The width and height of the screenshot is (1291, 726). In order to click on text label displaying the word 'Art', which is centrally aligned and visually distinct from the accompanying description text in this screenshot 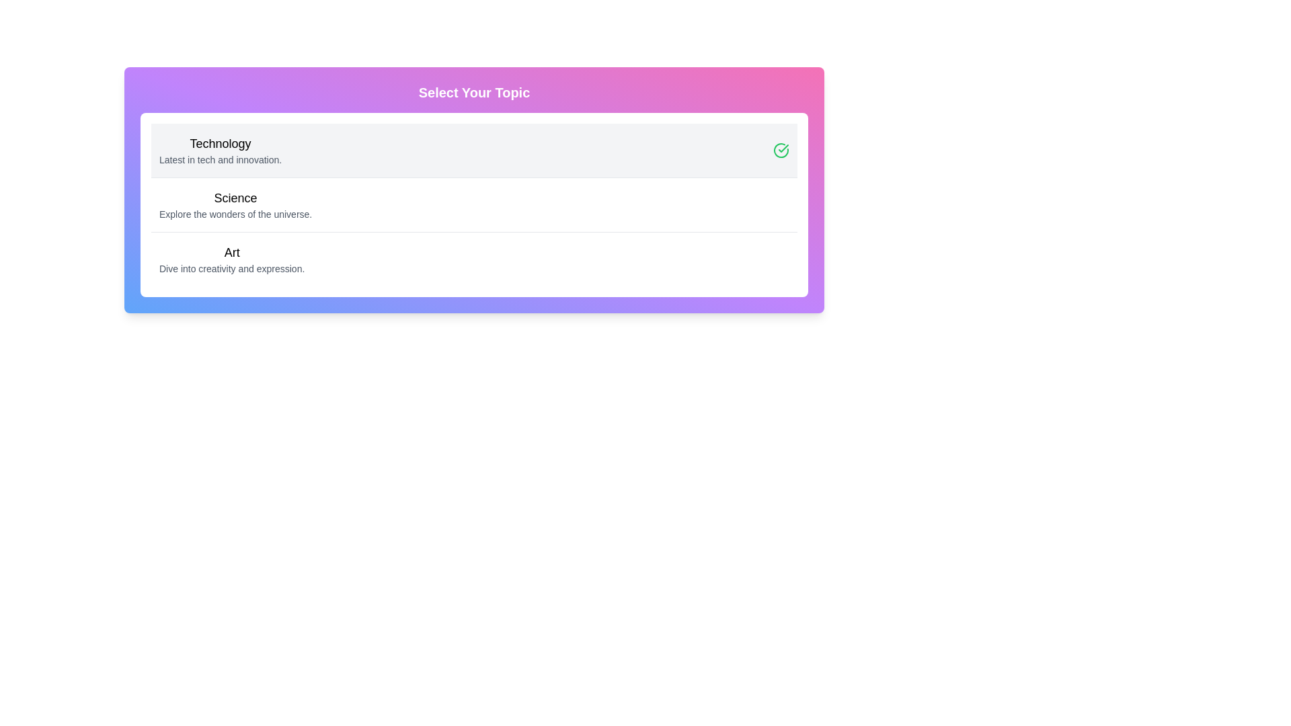, I will do `click(232, 252)`.